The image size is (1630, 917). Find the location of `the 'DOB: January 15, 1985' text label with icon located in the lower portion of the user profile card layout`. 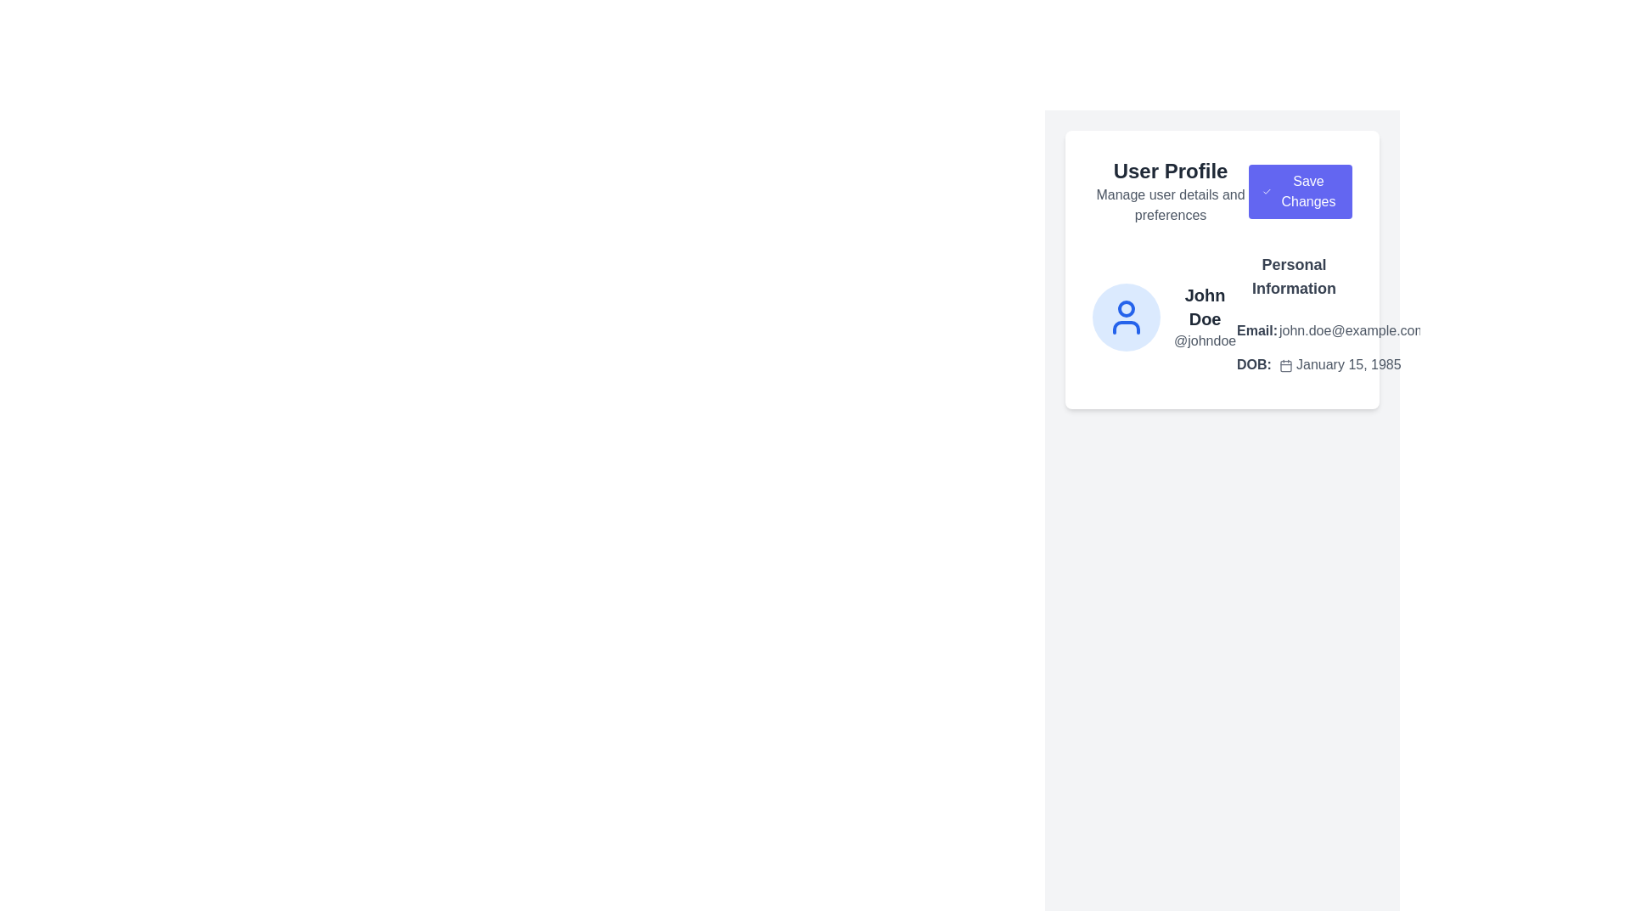

the 'DOB: January 15, 1985' text label with icon located in the lower portion of the user profile card layout is located at coordinates (1330, 363).